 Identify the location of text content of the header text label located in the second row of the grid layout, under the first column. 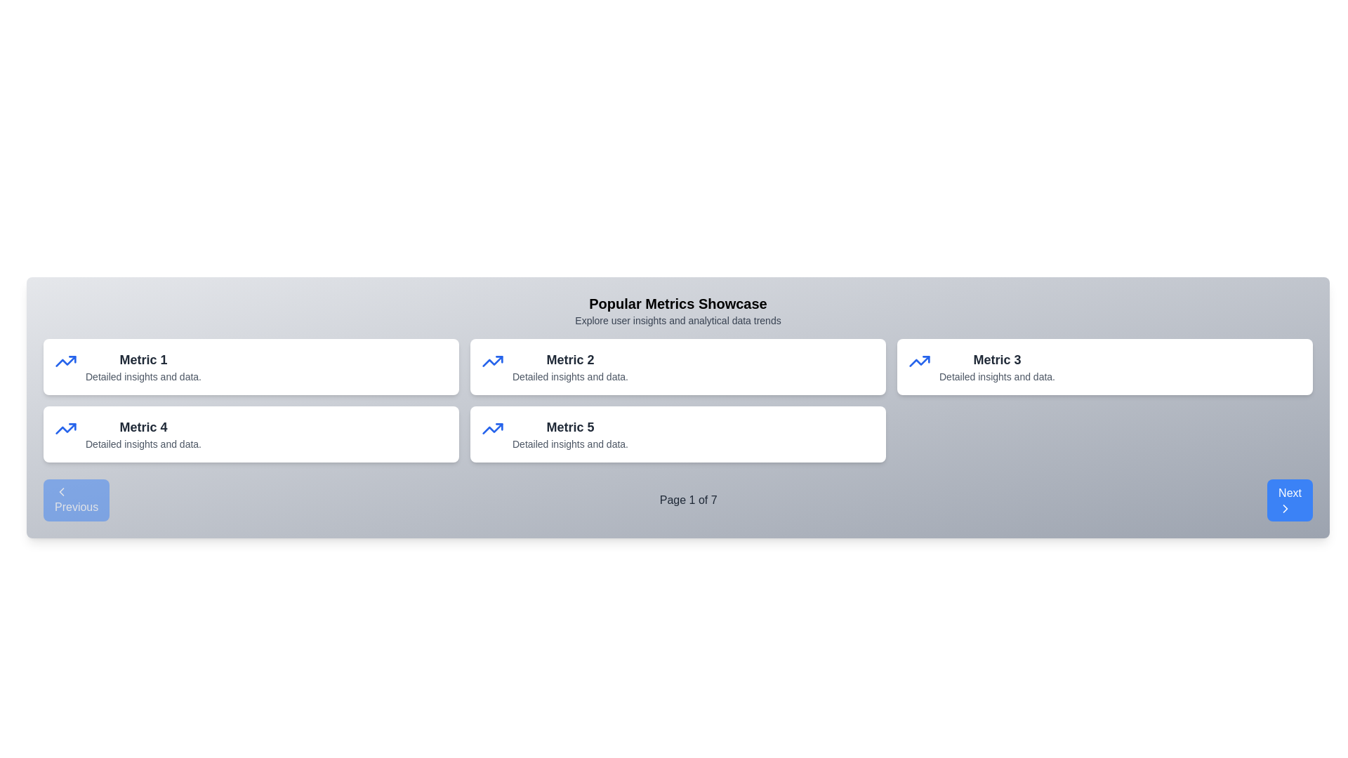
(143, 427).